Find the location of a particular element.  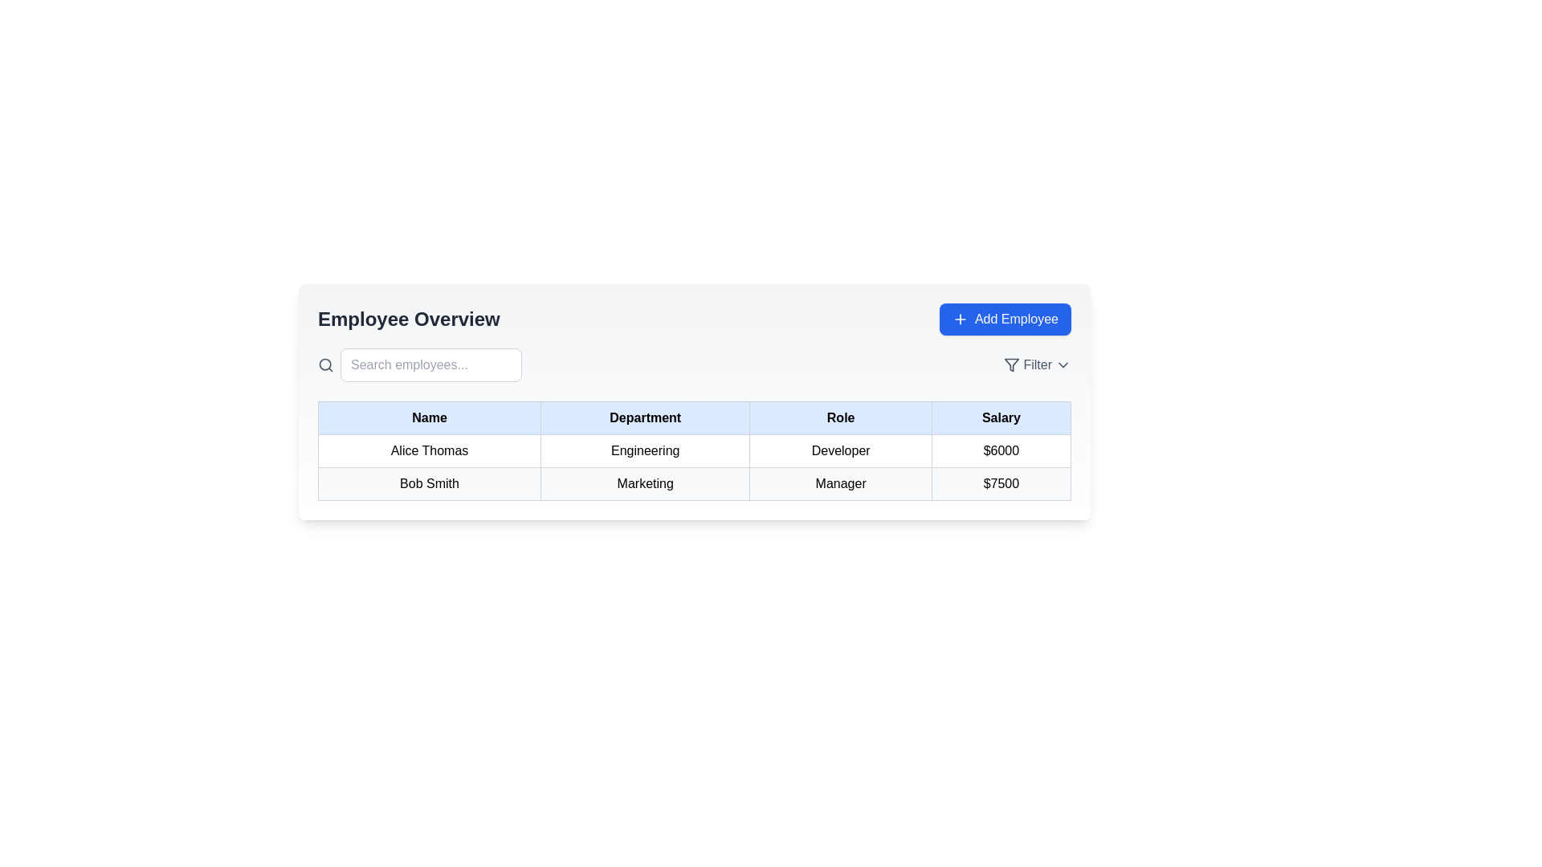

the 'Filter' dropdown button, which includes an icon resembling a filter funnel and is located on the right side above the data table is located at coordinates (1038, 365).